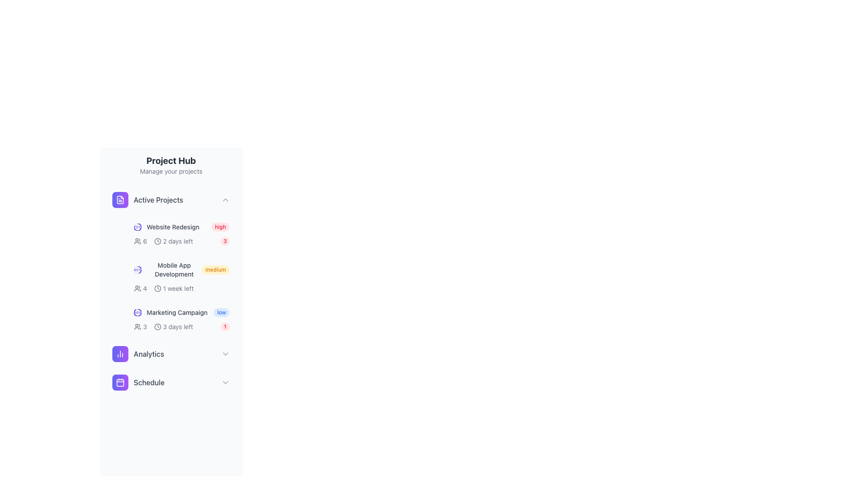 The width and height of the screenshot is (856, 481). I want to click on the 'Analytics' label with a gradient purple icon, so click(138, 353).